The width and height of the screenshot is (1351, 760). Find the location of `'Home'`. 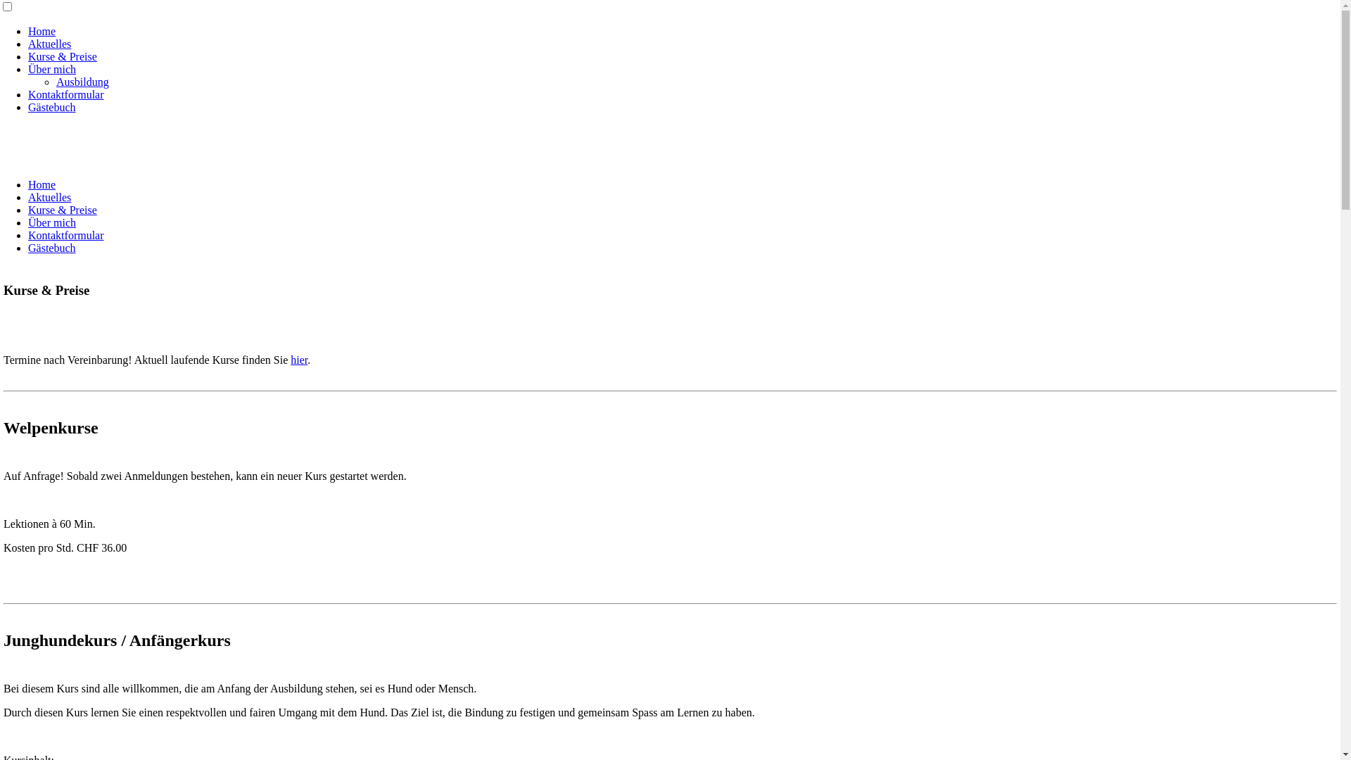

'Home' is located at coordinates (42, 184).